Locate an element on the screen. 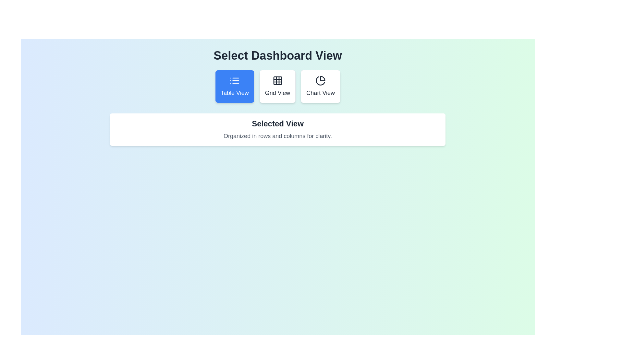 This screenshot has width=623, height=350. the Table View button to see its hover effect is located at coordinates (234, 86).